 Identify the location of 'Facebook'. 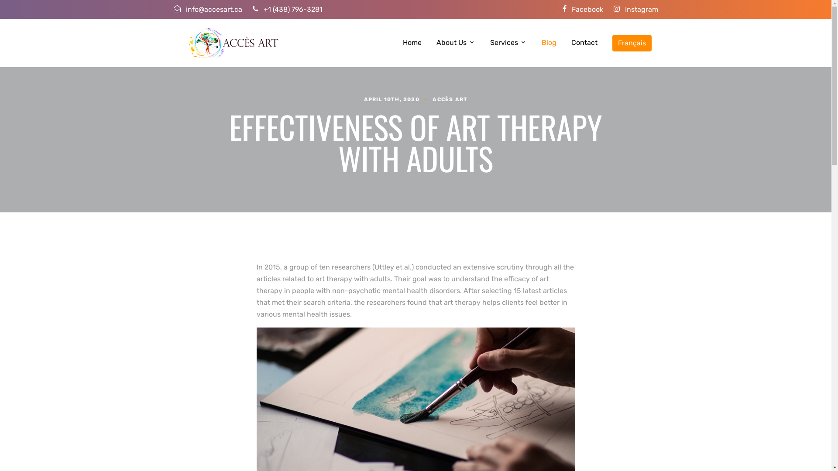
(582, 9).